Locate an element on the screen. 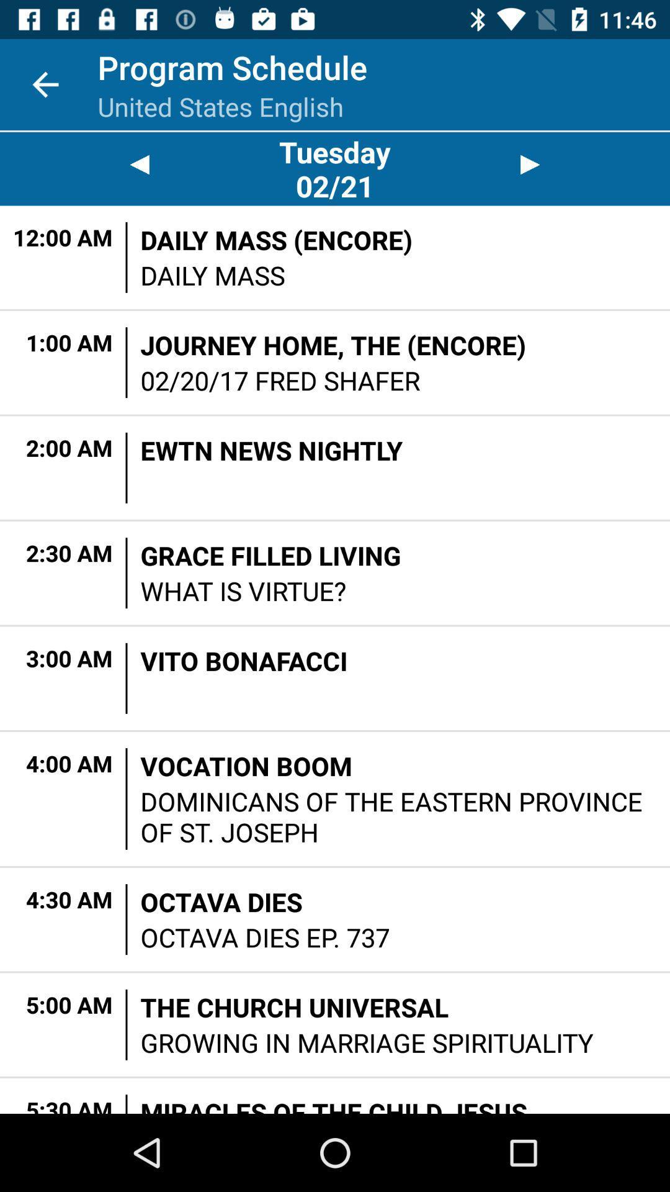  the icon to the right of 12:00 am is located at coordinates (127, 256).